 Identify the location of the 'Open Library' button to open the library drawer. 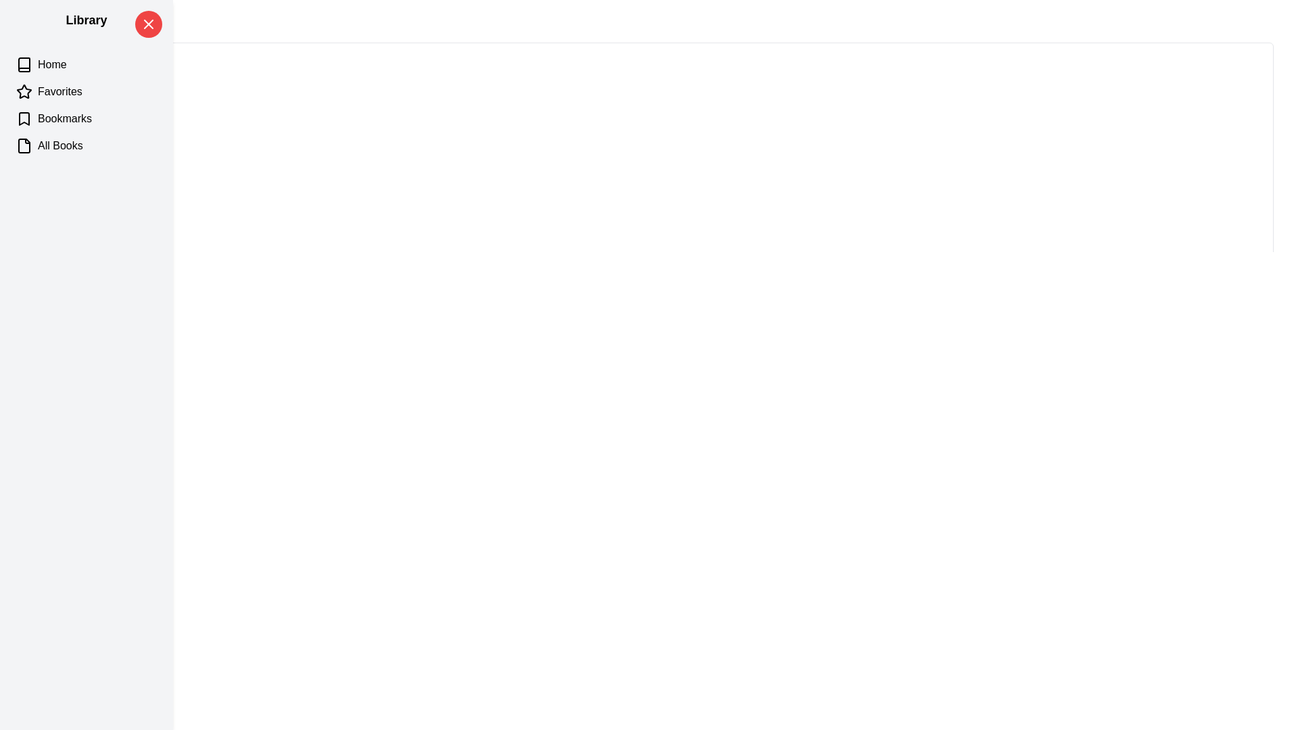
(47, 31).